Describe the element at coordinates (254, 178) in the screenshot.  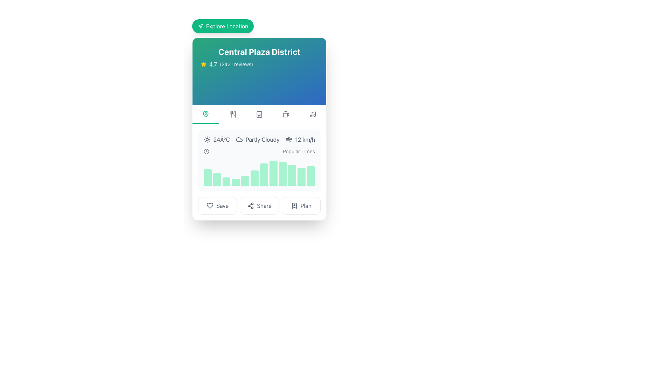
I see `the green-colored vertical bar with rounded corners, which is the 6th bar in the bar chart representing data visually` at that location.